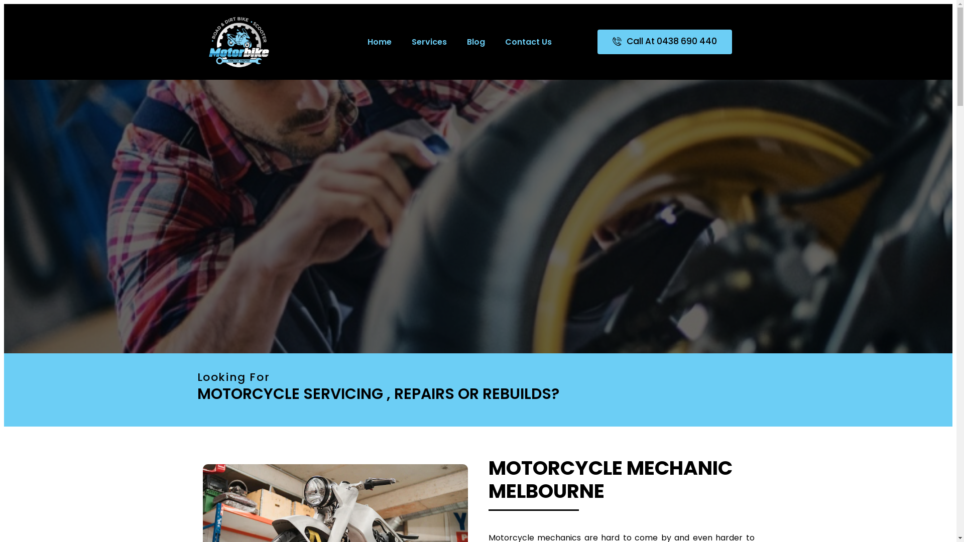  I want to click on 'Services', so click(429, 41).